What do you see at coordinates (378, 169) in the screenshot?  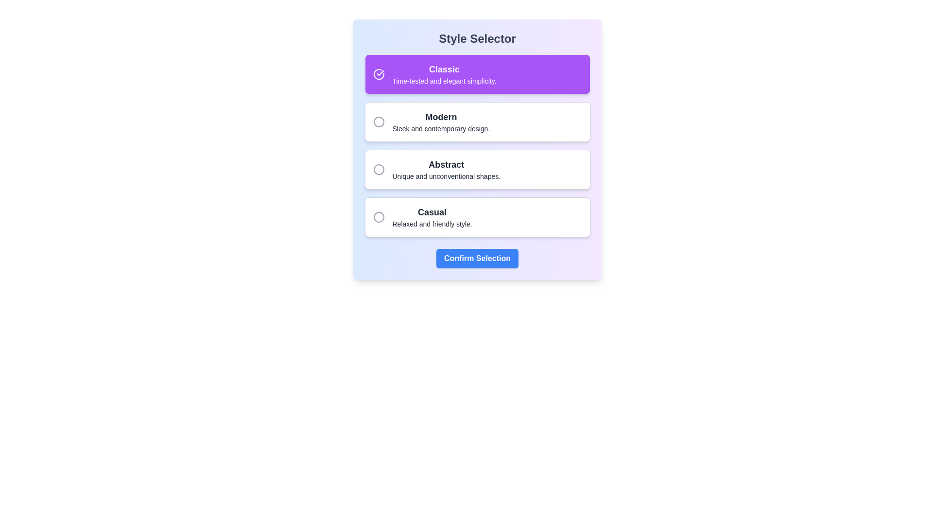 I see `the inner SVG circle element located near the 'Abstract' text in the interface by moving the cursor to its center coordinates` at bounding box center [378, 169].